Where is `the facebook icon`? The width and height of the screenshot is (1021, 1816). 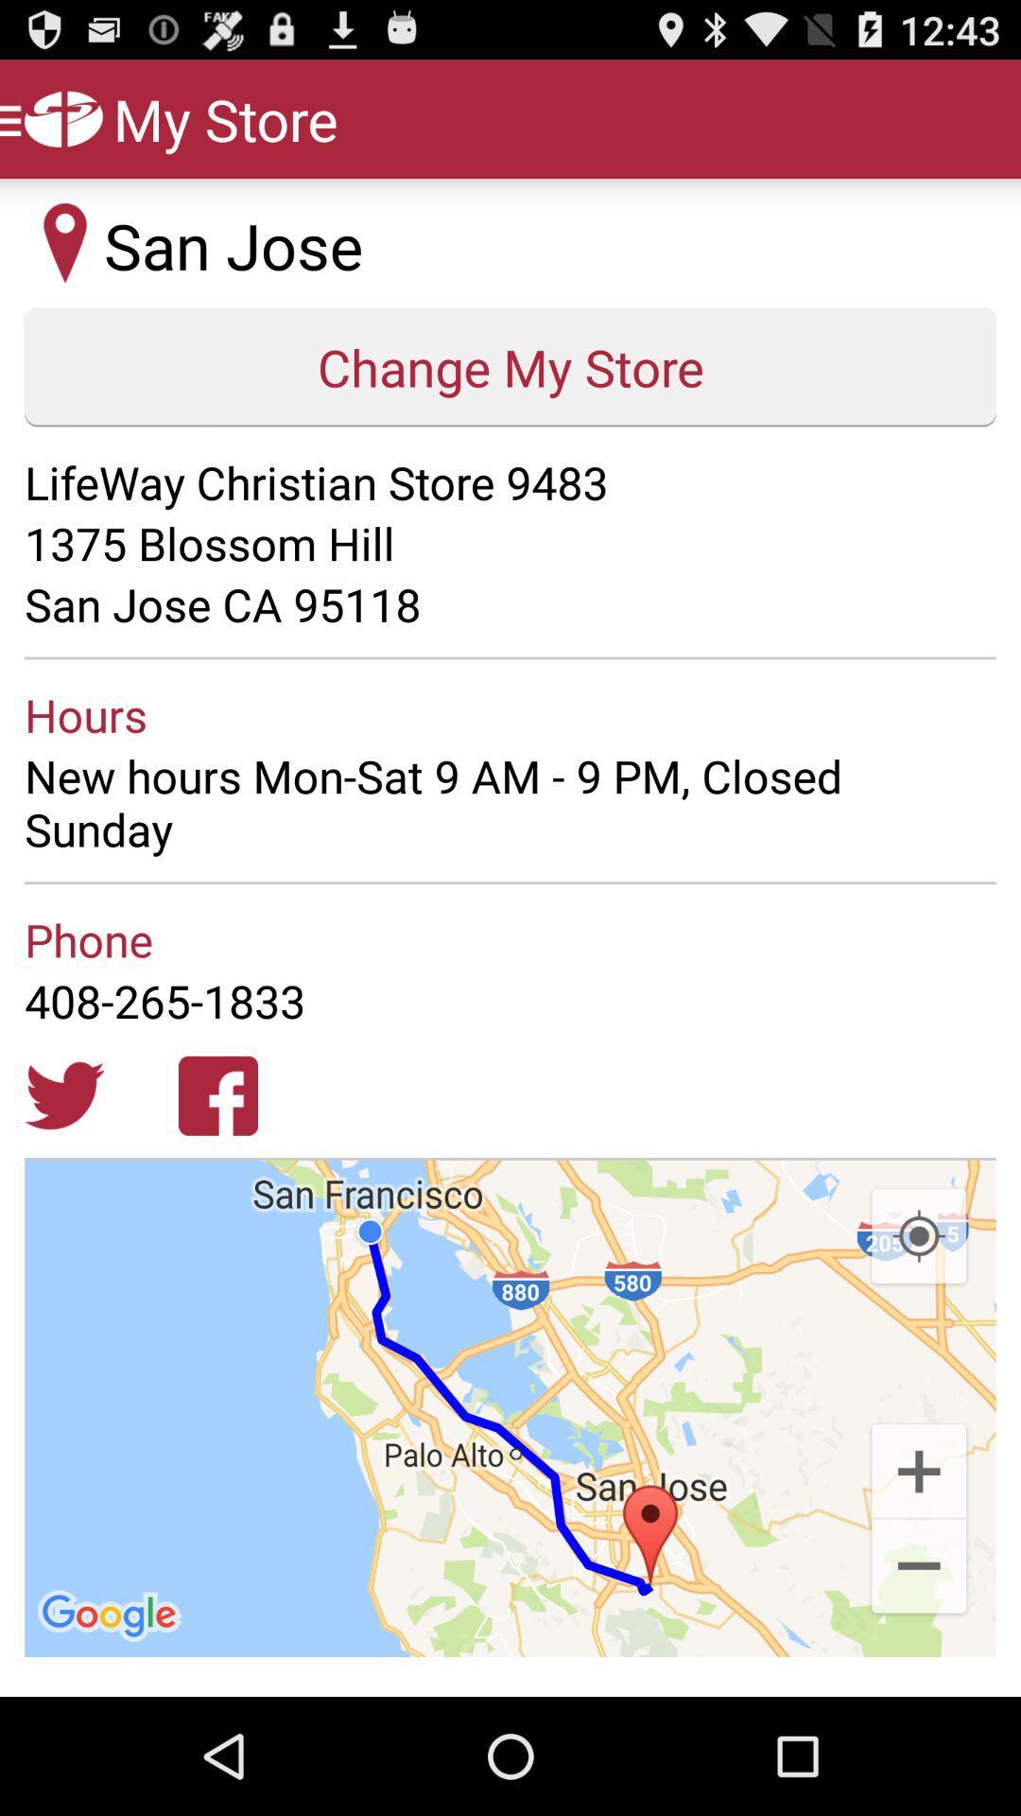
the facebook icon is located at coordinates (217, 1172).